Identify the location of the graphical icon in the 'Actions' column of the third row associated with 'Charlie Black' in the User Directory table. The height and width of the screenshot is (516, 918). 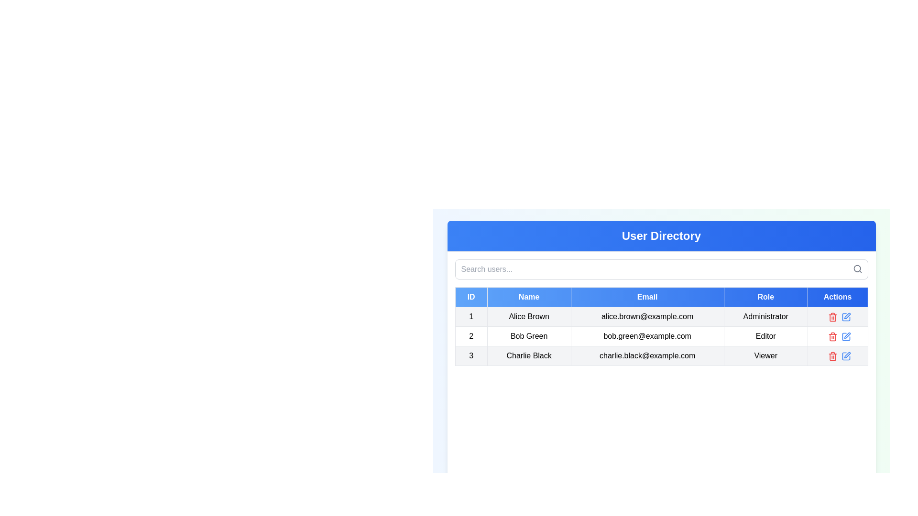
(846, 356).